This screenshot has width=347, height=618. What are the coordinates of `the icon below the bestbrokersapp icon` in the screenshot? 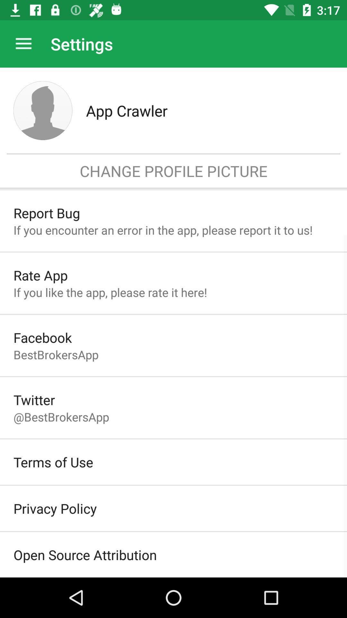 It's located at (34, 399).